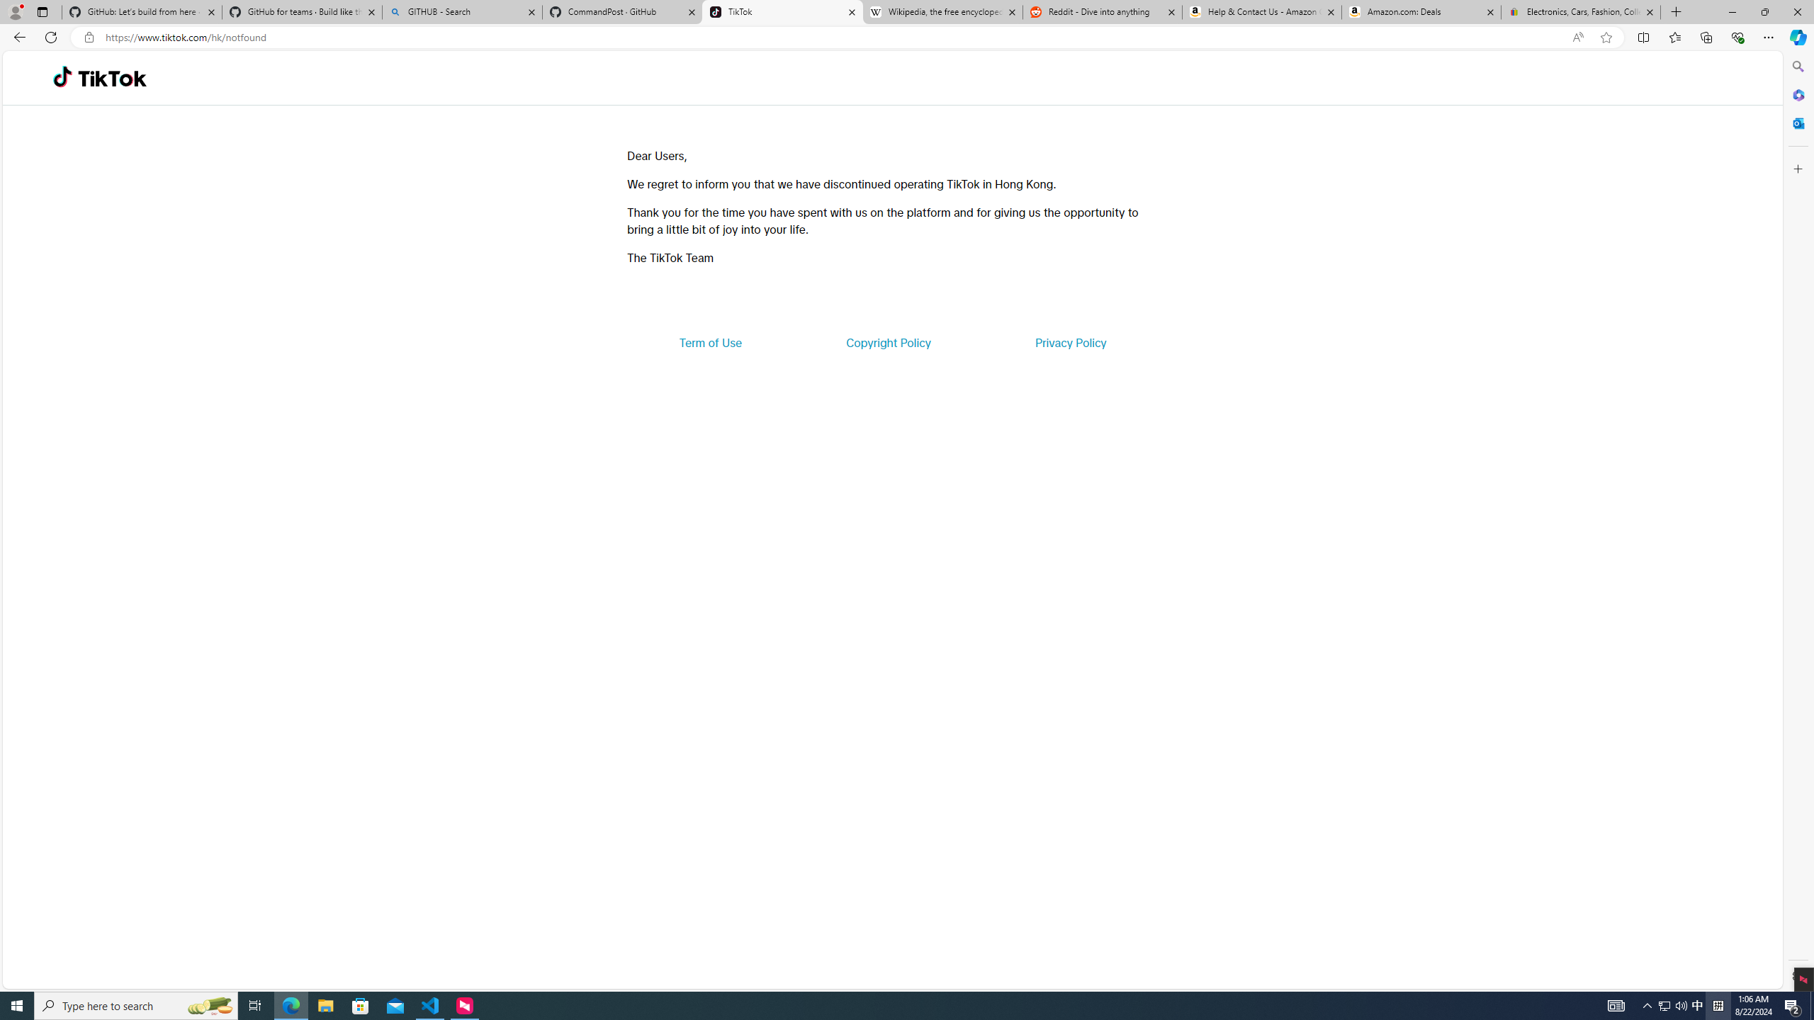 This screenshot has width=1814, height=1020. I want to click on 'Split screen', so click(1643, 36).